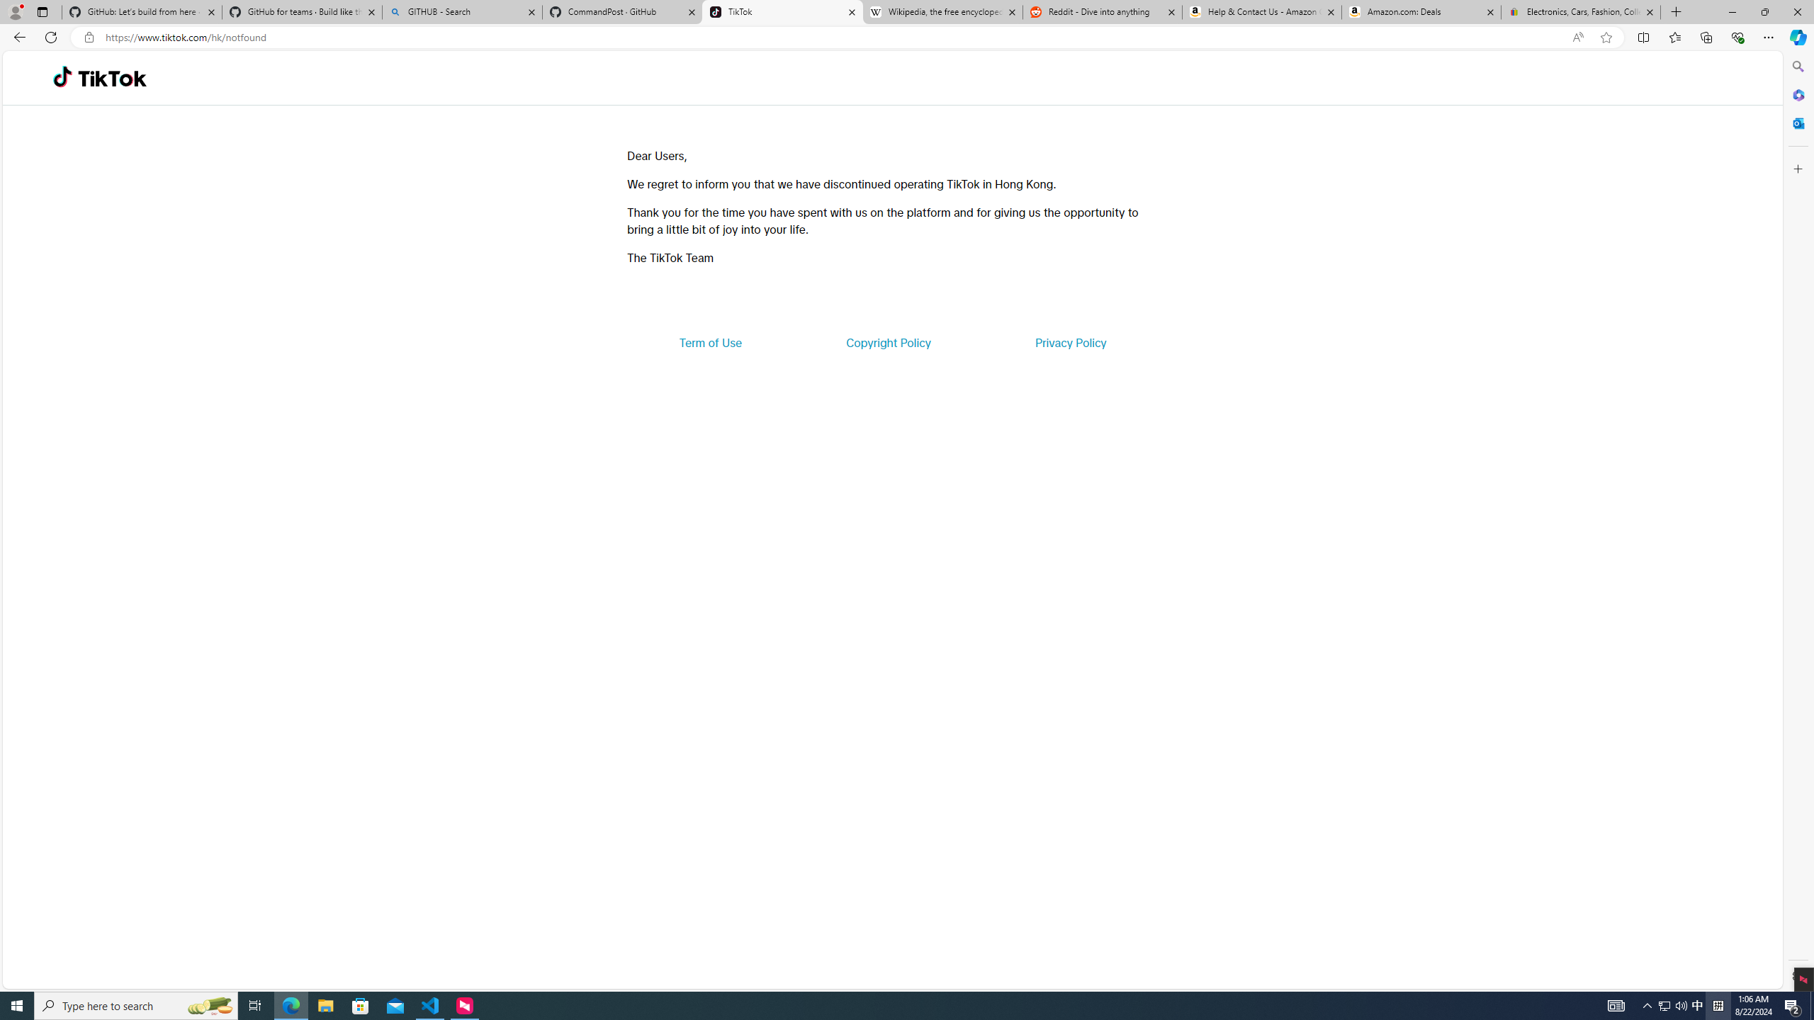 This screenshot has width=1814, height=1020. I want to click on 'Split screen', so click(1643, 36).